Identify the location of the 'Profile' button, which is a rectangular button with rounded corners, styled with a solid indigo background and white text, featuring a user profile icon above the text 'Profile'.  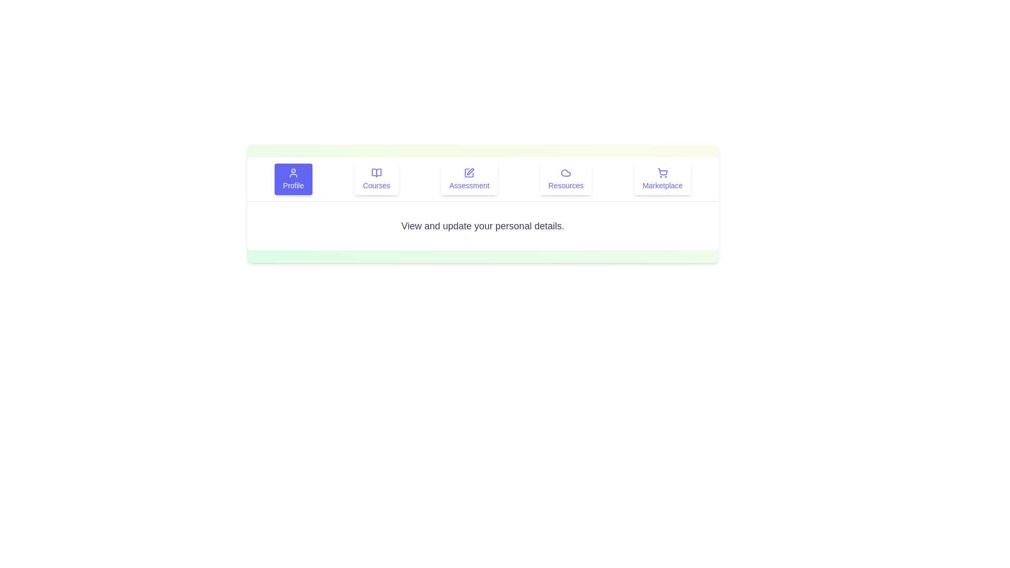
(293, 178).